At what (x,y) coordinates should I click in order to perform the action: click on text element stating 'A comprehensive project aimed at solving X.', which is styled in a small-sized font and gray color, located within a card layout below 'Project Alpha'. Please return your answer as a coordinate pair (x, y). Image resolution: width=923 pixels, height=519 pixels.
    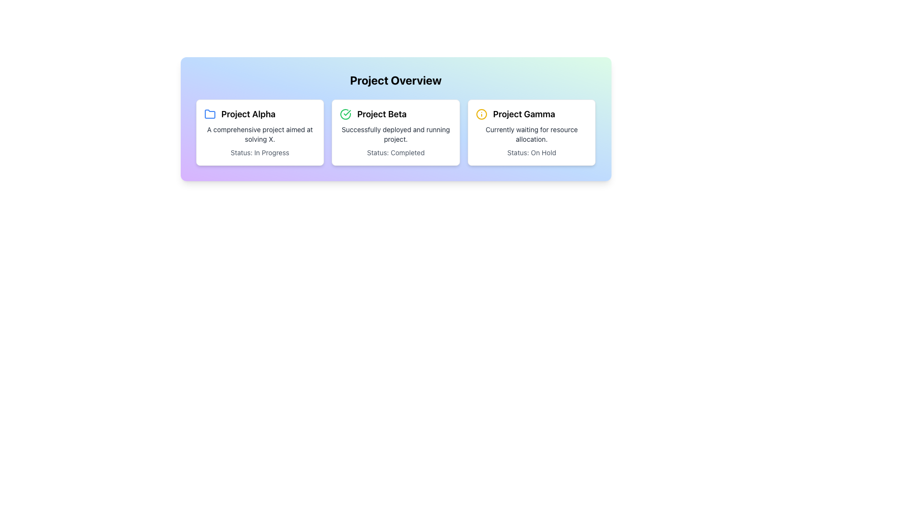
    Looking at the image, I should click on (260, 135).